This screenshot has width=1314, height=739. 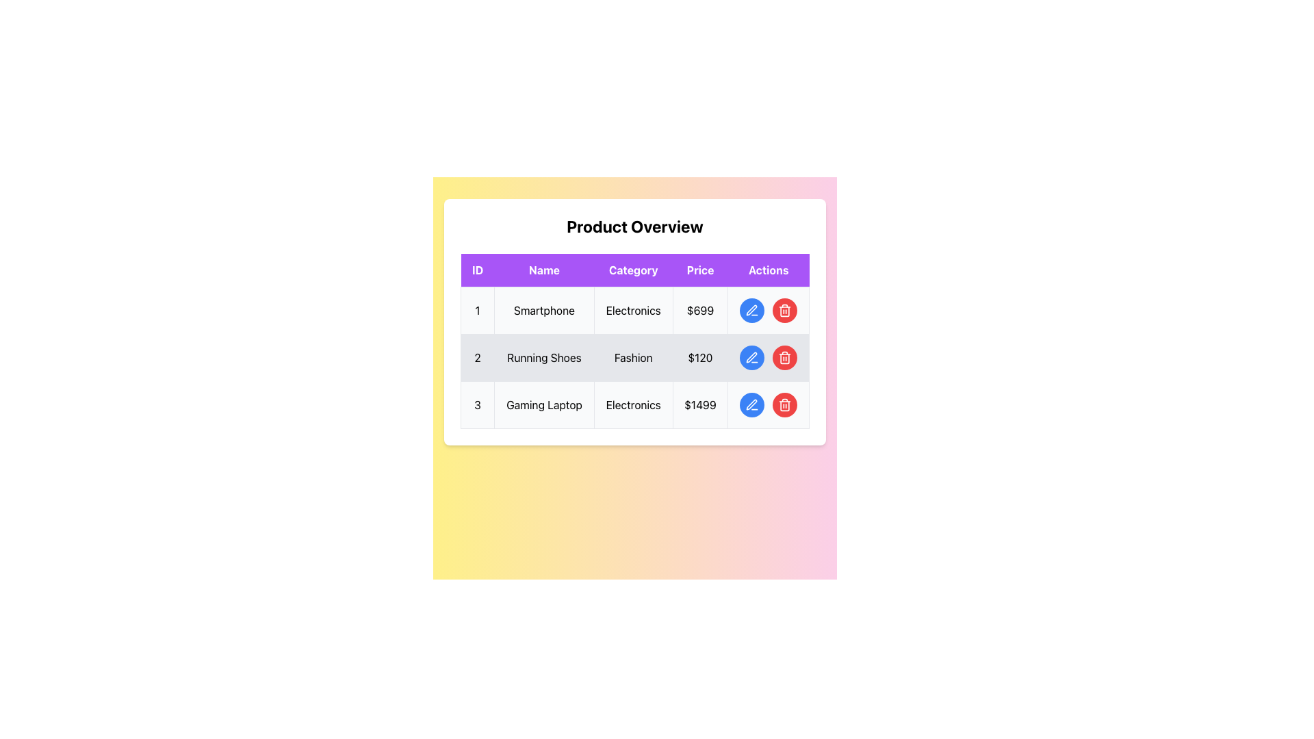 I want to click on the 'Electronics' text label in the first row of the table, which is bold and displayed on a white background, so click(x=632, y=311).